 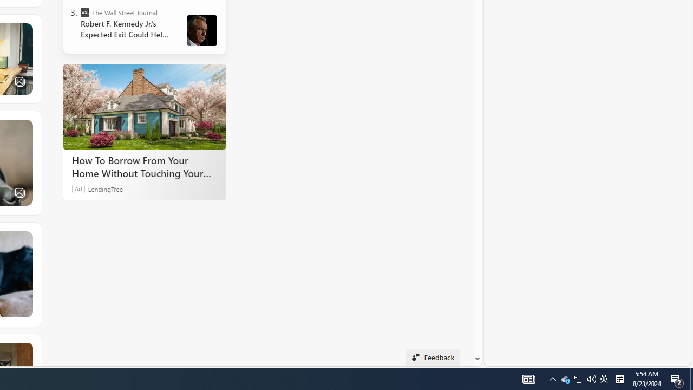 What do you see at coordinates (432, 357) in the screenshot?
I see `'Feedback'` at bounding box center [432, 357].